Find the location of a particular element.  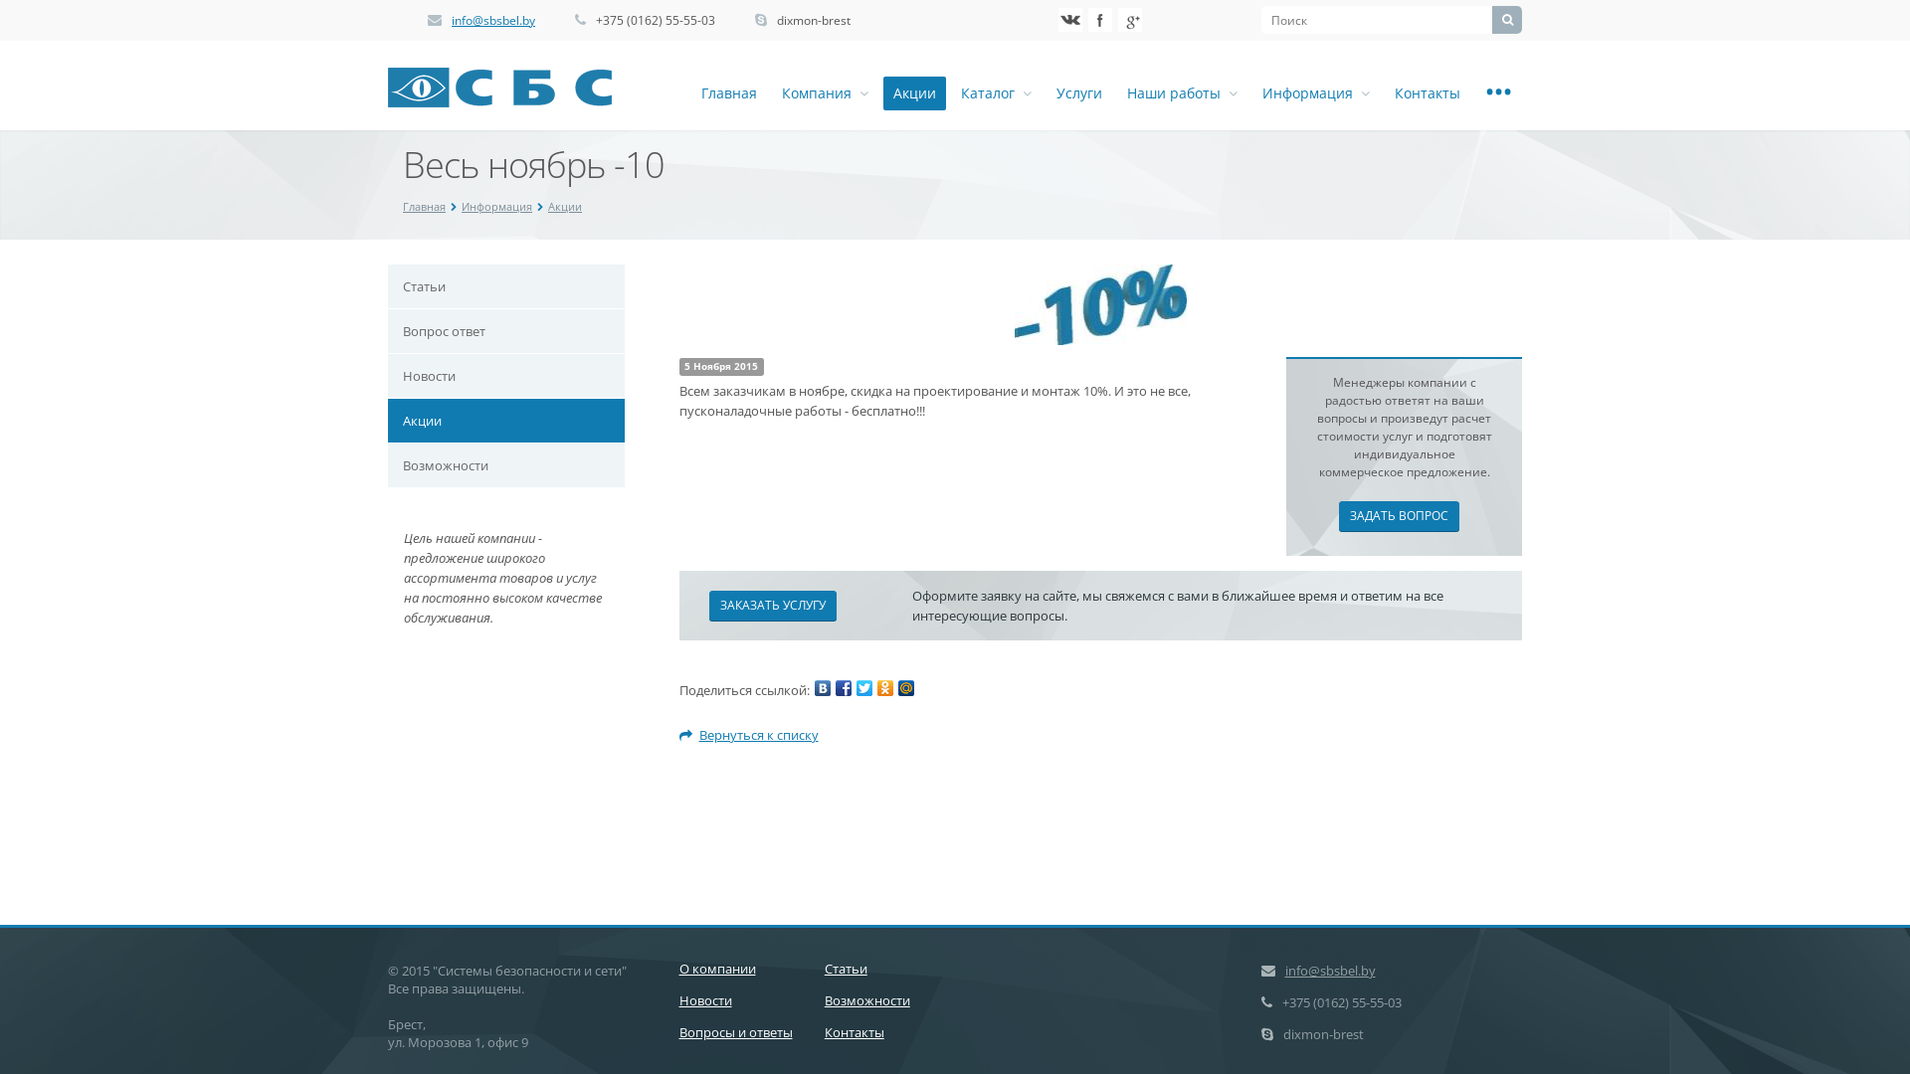

'info@sbsbel.by' is located at coordinates (492, 20).